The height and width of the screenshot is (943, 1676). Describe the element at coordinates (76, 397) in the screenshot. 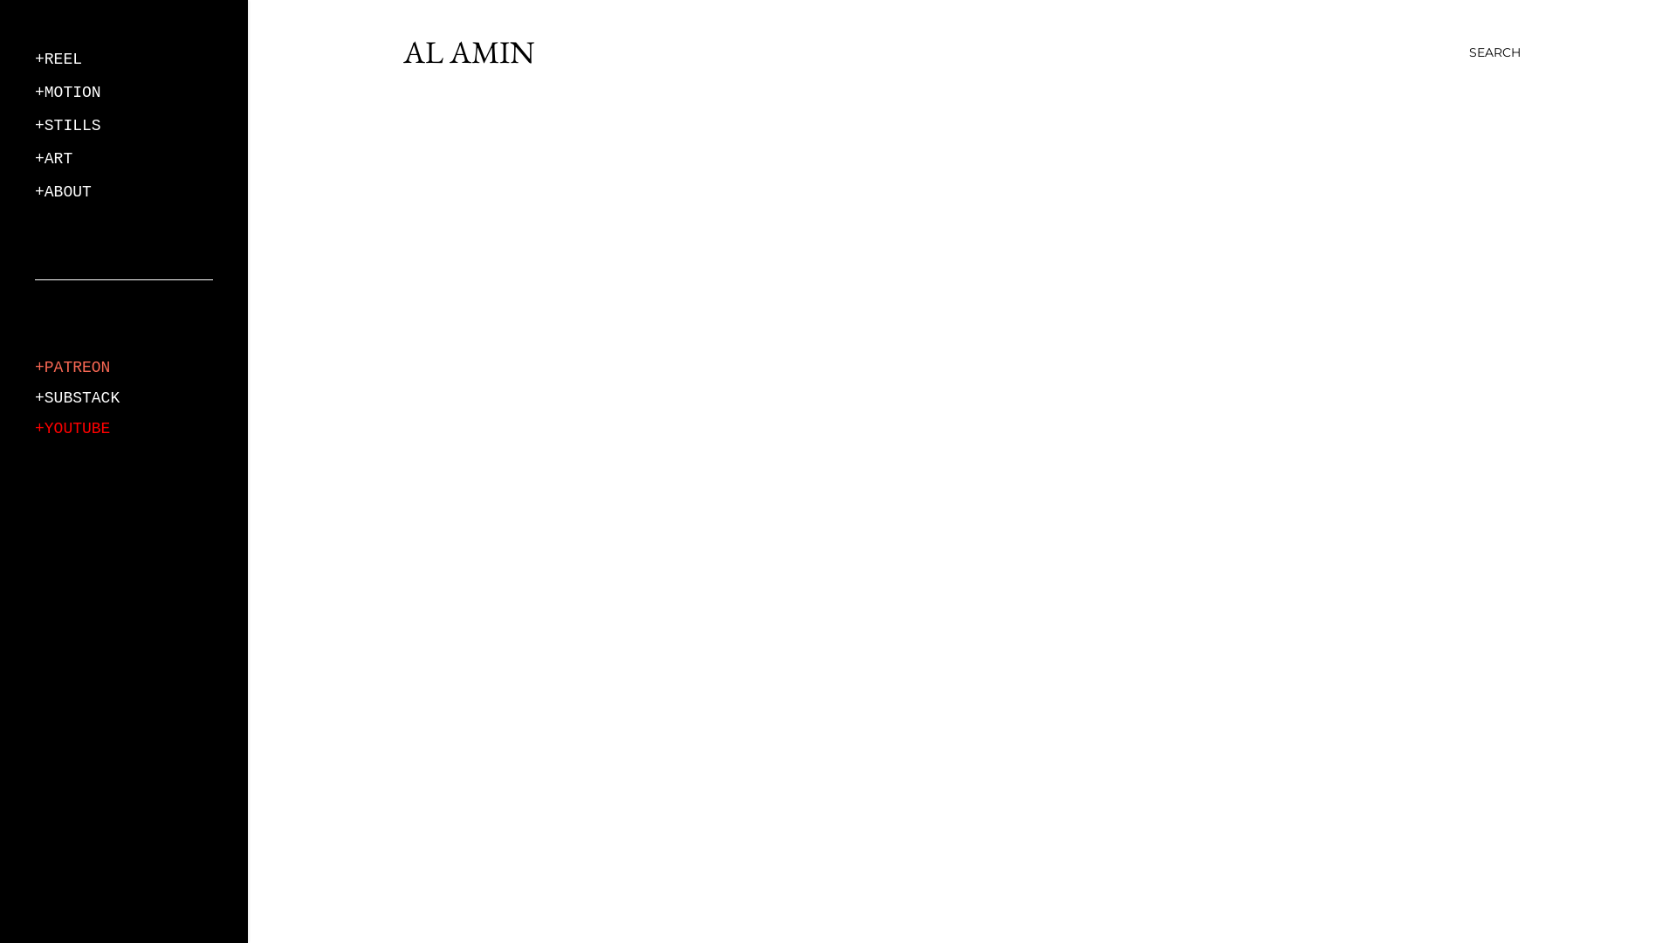

I see `'+SUBSTACK'` at that location.